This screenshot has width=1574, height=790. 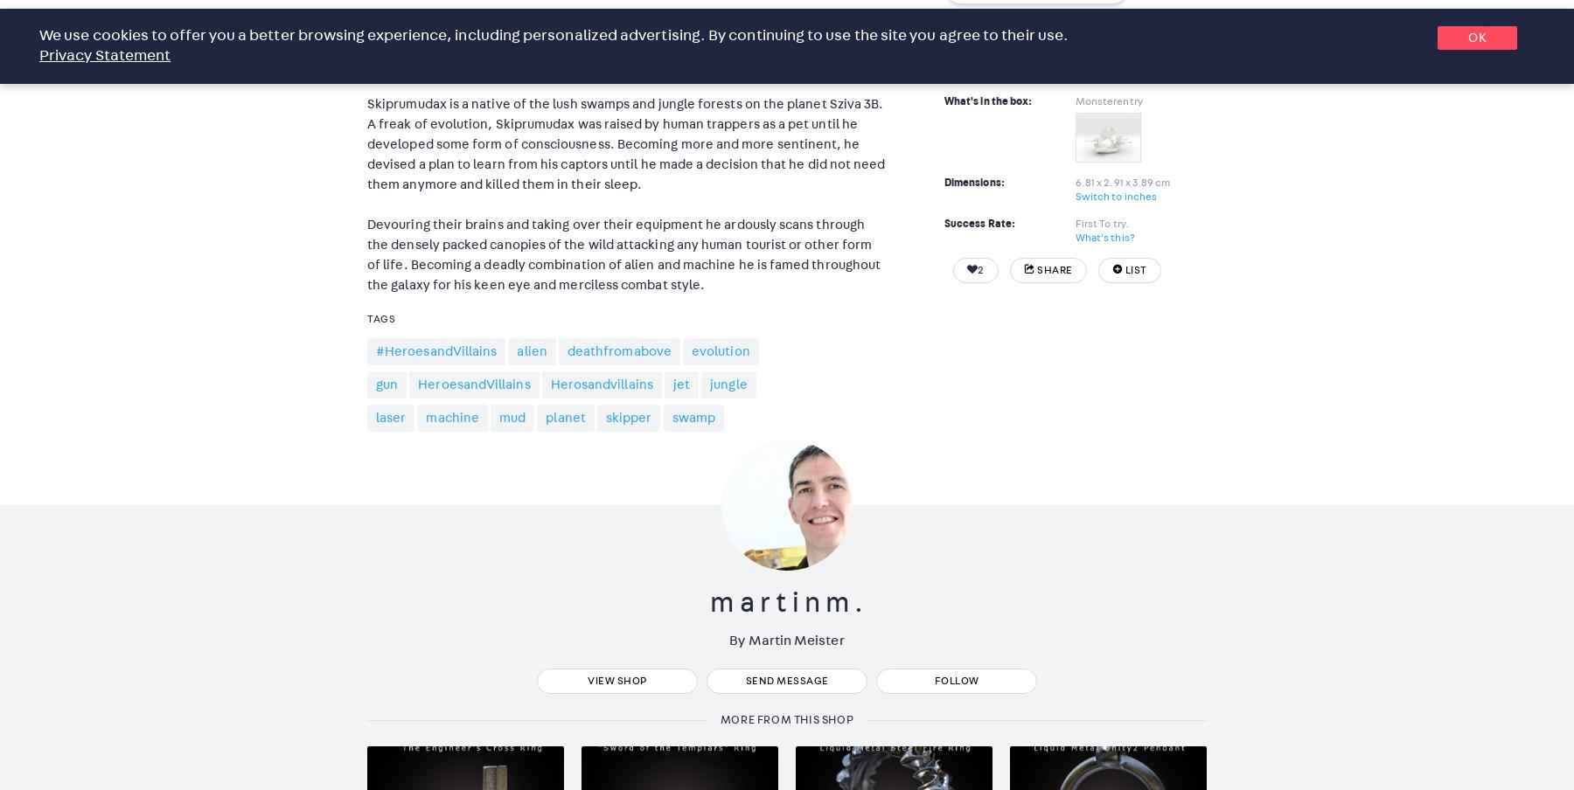 What do you see at coordinates (1124, 268) in the screenshot?
I see `'List'` at bounding box center [1124, 268].